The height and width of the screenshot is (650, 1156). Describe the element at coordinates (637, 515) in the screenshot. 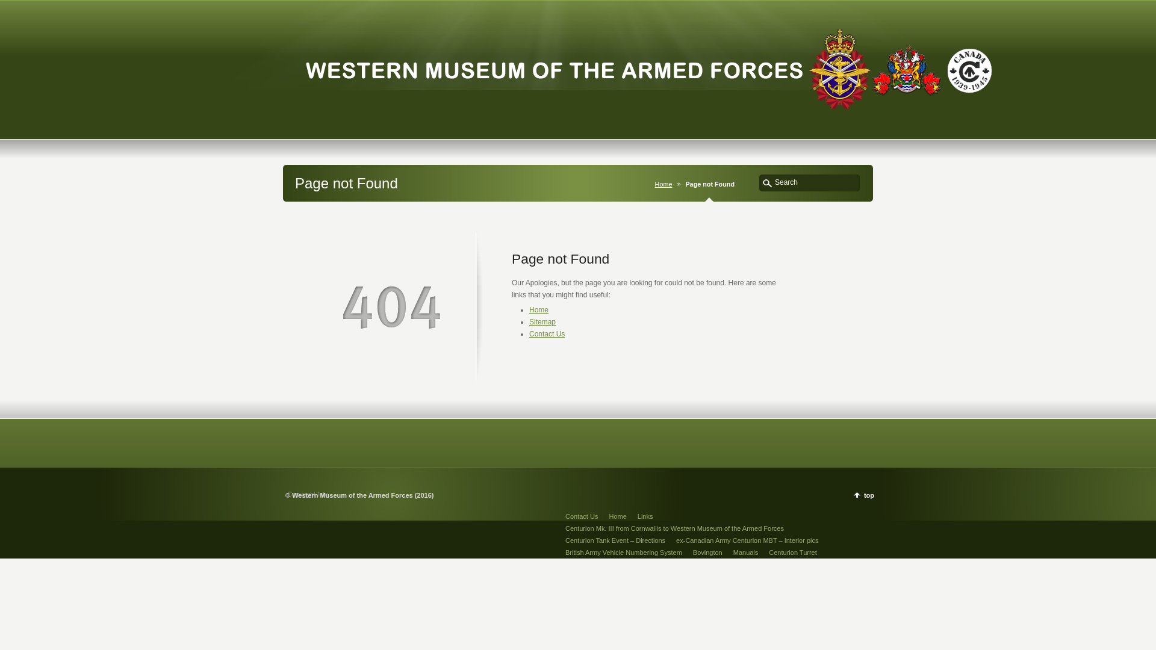

I see `'Links'` at that location.